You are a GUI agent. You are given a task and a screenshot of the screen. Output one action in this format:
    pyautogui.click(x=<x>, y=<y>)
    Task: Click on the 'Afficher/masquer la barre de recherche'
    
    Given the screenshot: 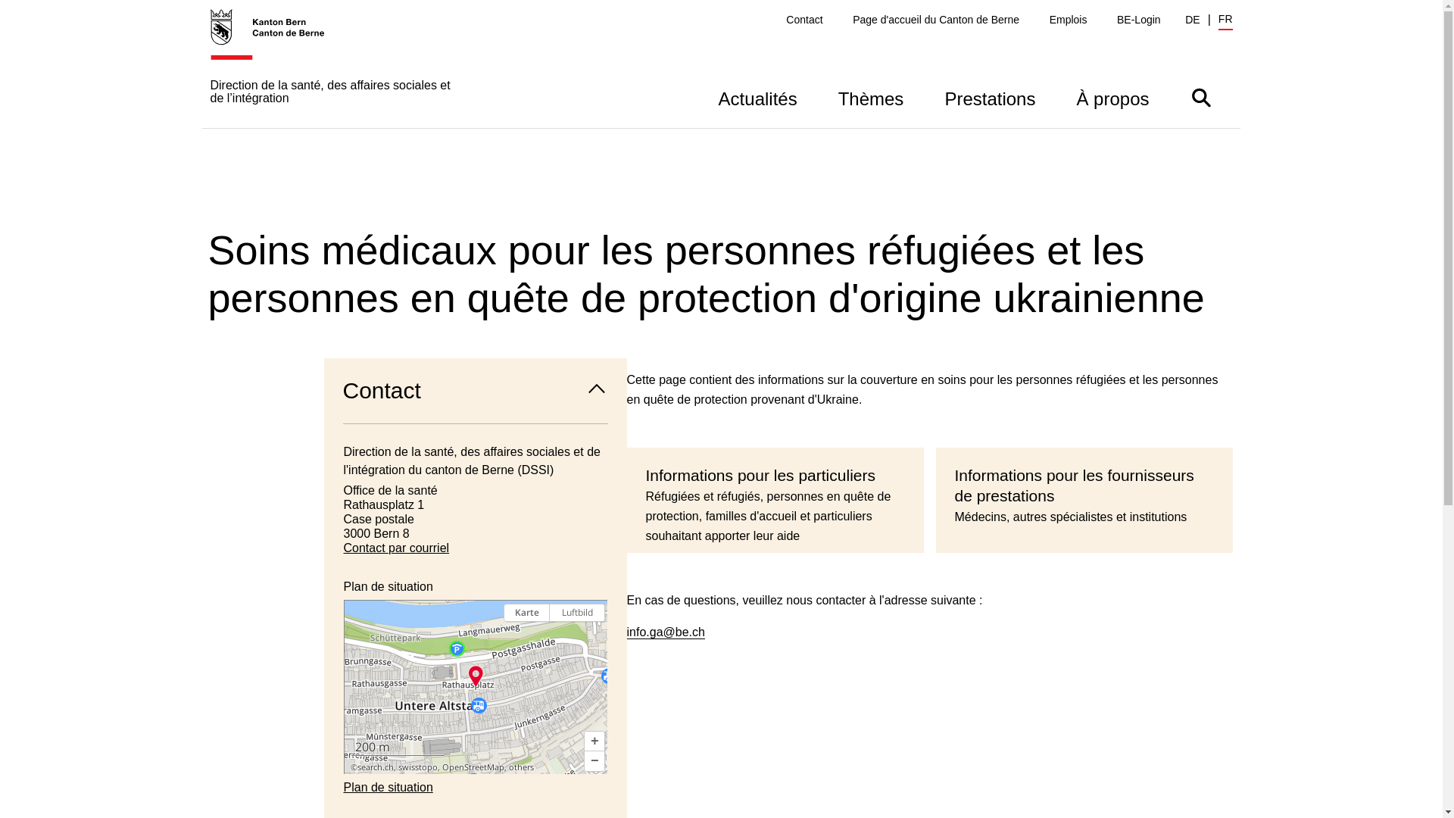 What is the action you would take?
    pyautogui.click(x=1200, y=97)
    